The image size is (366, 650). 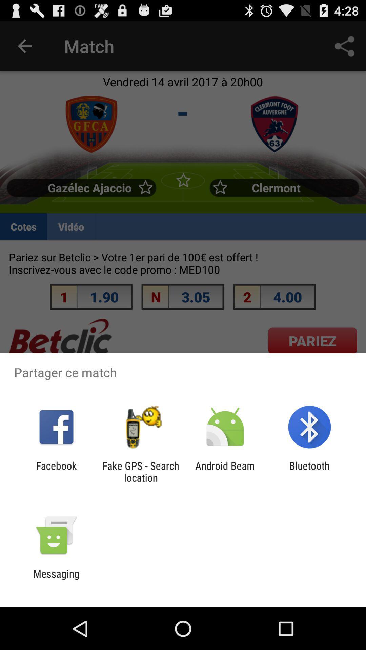 What do you see at coordinates (225, 471) in the screenshot?
I see `app to the left of the bluetooth` at bounding box center [225, 471].